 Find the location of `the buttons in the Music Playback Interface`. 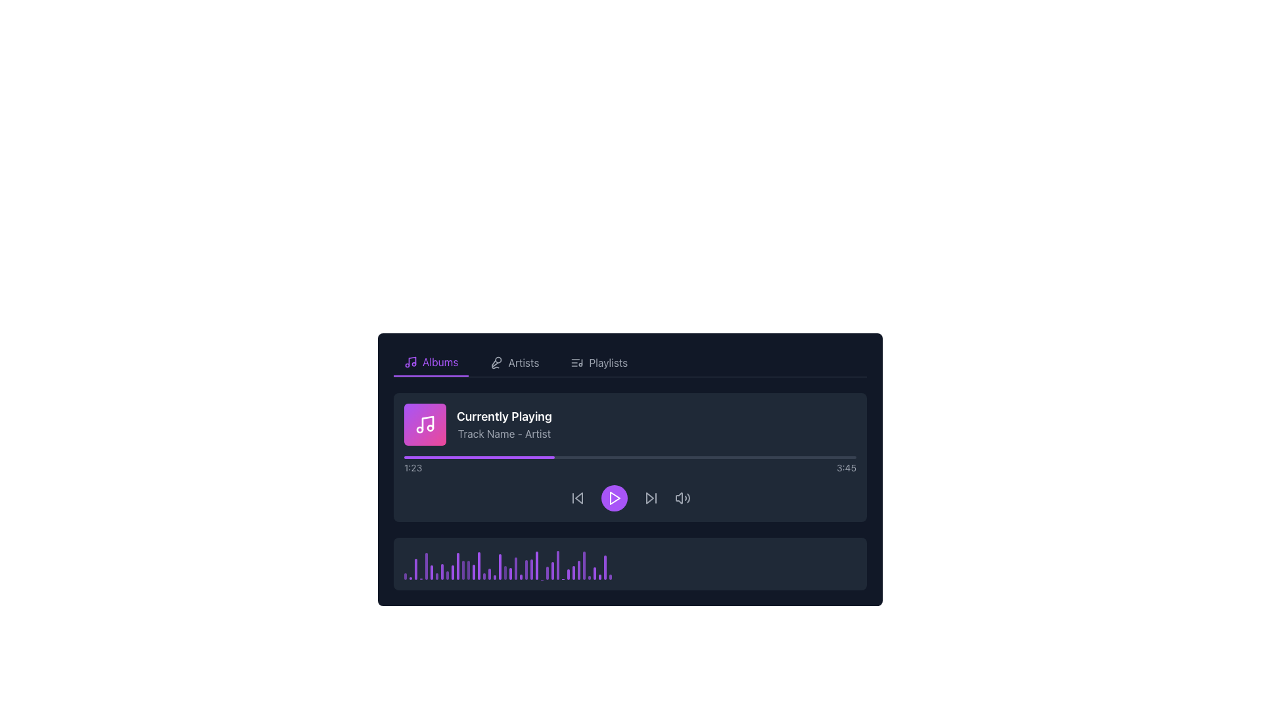

the buttons in the Music Playback Interface is located at coordinates (630, 492).